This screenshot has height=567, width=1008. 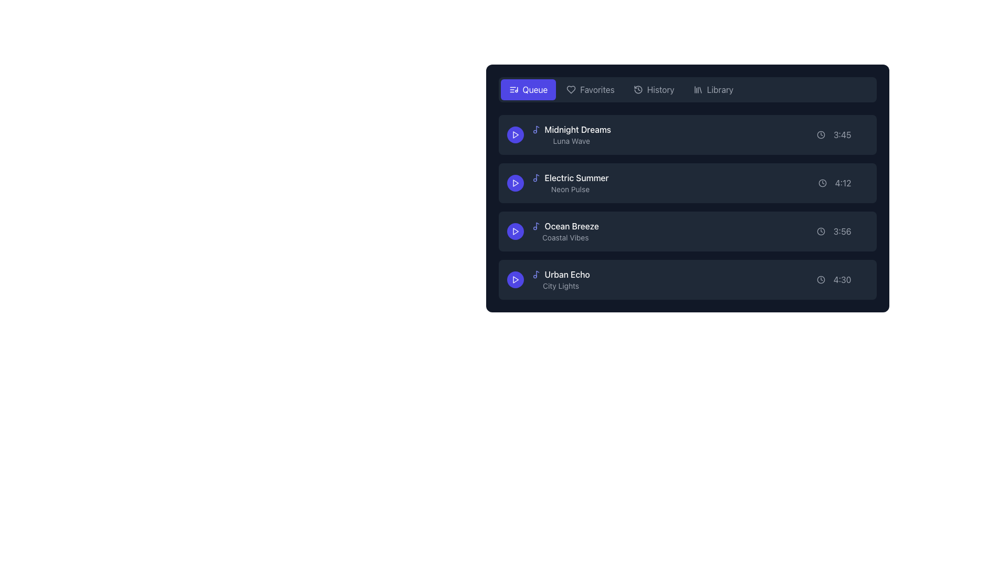 I want to click on the vibrant indigo musical note icon located to the left of the 'Urban Echo' text in the bottommost row, so click(x=536, y=274).